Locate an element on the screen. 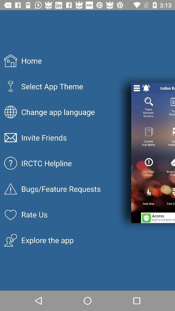 The image size is (175, 311). the icon which is left side of the change app language is located at coordinates (10, 112).